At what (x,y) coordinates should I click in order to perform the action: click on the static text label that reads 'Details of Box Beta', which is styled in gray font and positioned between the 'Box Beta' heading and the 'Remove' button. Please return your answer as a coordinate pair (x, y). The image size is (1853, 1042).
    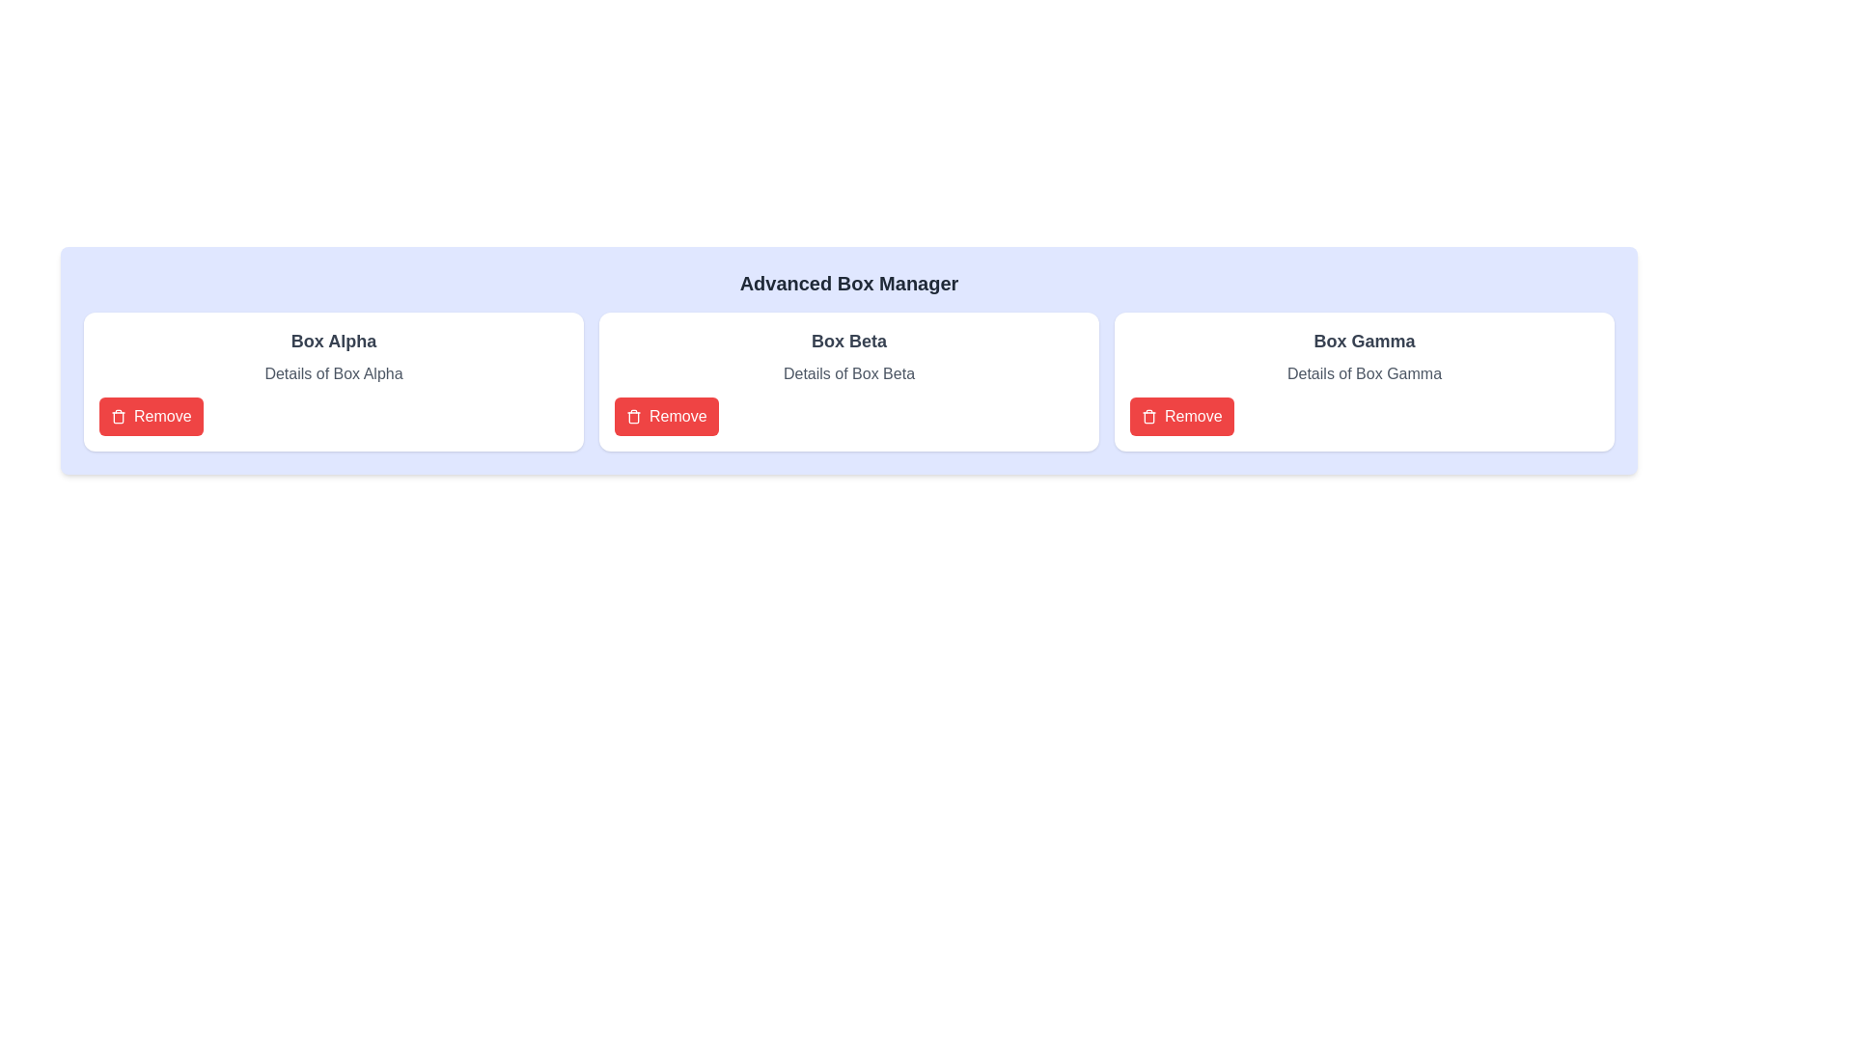
    Looking at the image, I should click on (848, 374).